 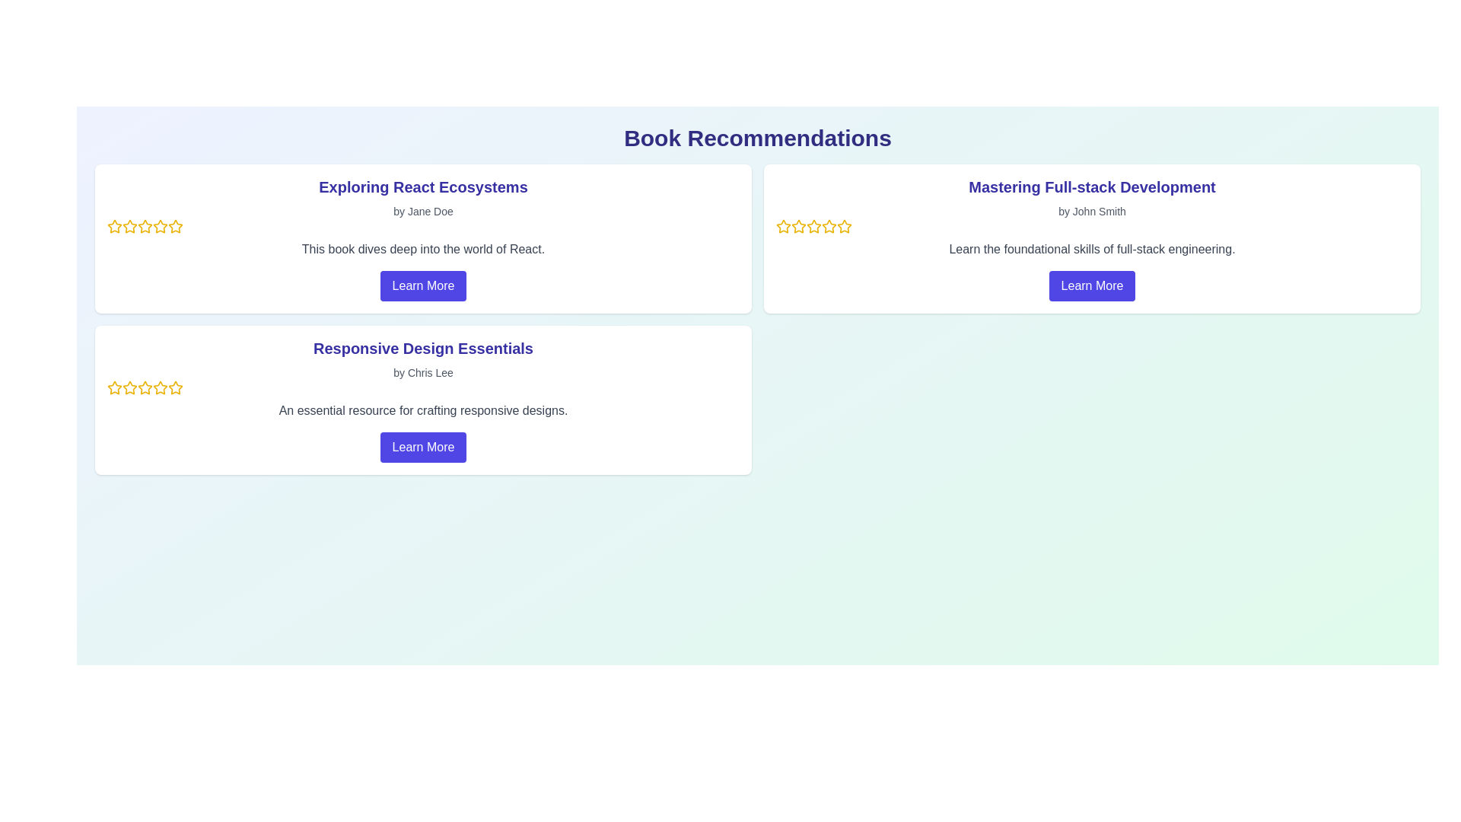 What do you see at coordinates (130, 226) in the screenshot?
I see `the first star in the rating component of the 'Exploring React Ecosystems' card` at bounding box center [130, 226].